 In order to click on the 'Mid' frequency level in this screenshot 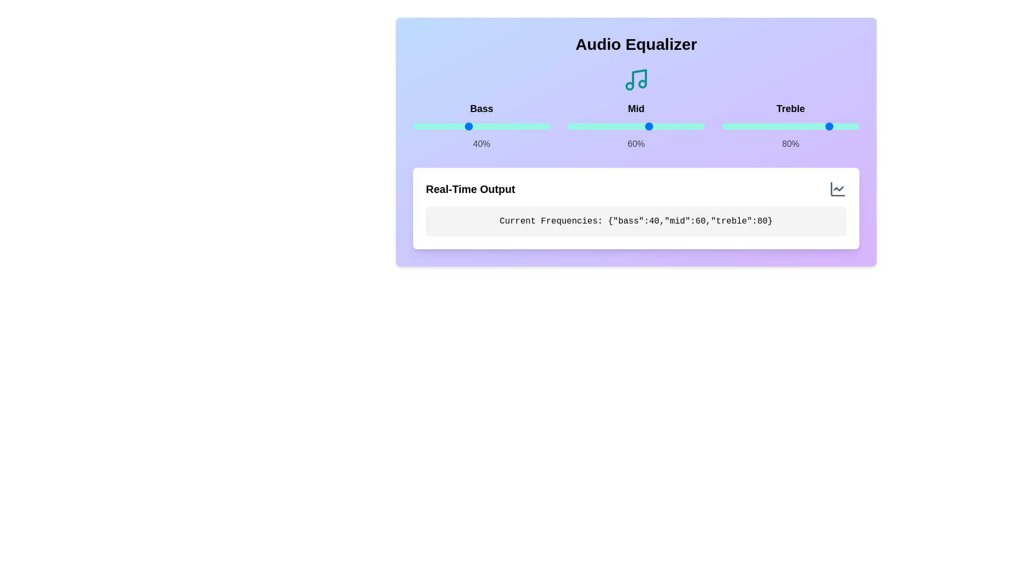, I will do `click(592, 125)`.